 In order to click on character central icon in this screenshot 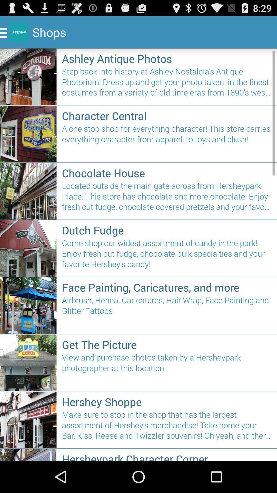, I will do `click(167, 115)`.